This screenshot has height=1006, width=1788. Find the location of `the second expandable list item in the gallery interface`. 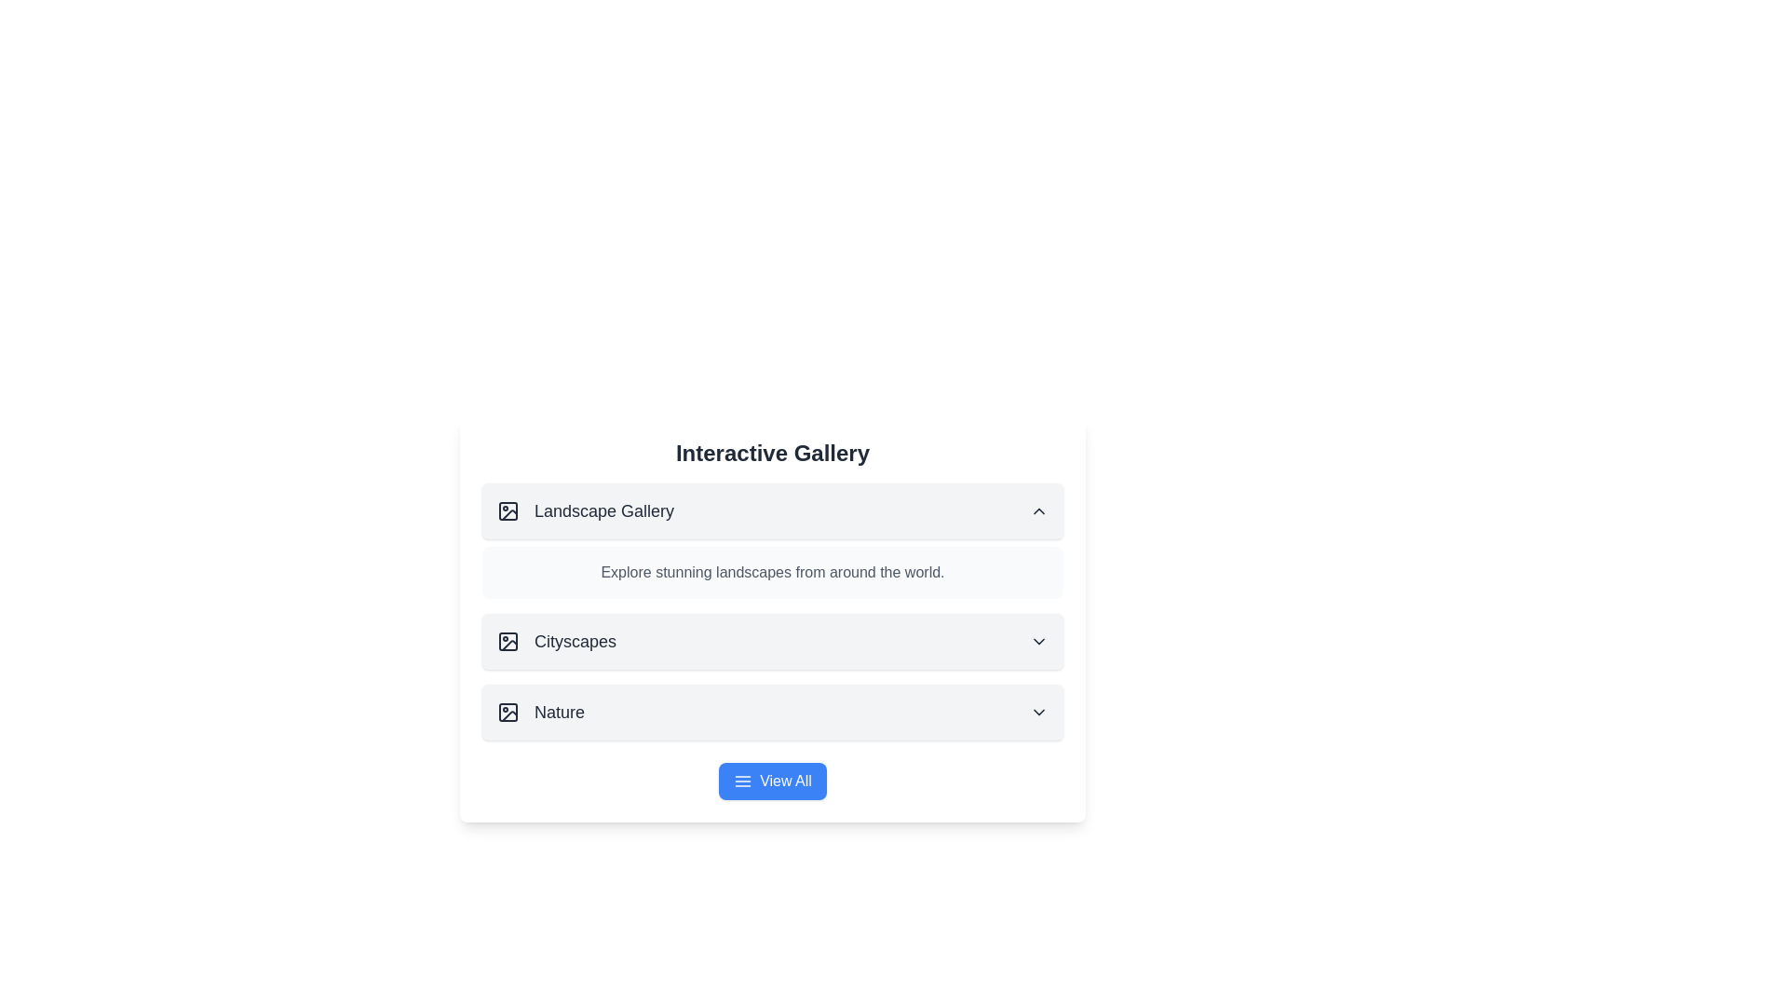

the second expandable list item in the gallery interface is located at coordinates (773, 641).